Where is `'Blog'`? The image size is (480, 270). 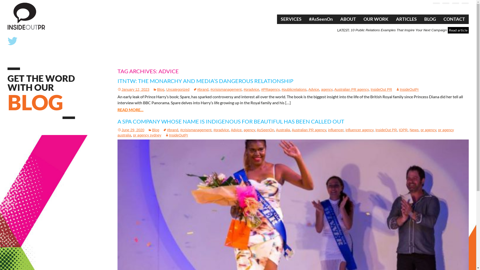
'Blog' is located at coordinates (158, 89).